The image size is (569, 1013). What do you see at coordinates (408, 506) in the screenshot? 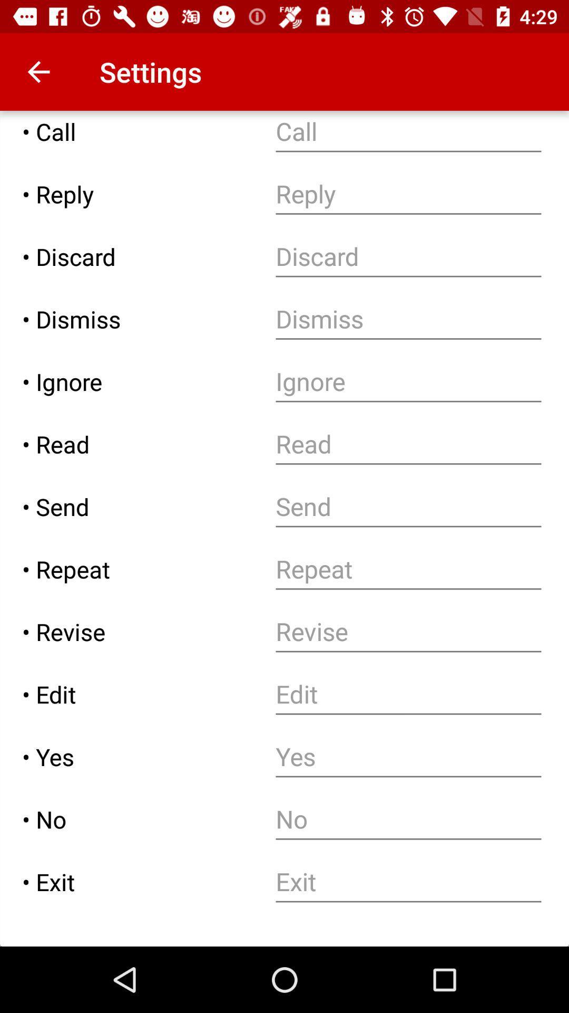
I see `text input box` at bounding box center [408, 506].